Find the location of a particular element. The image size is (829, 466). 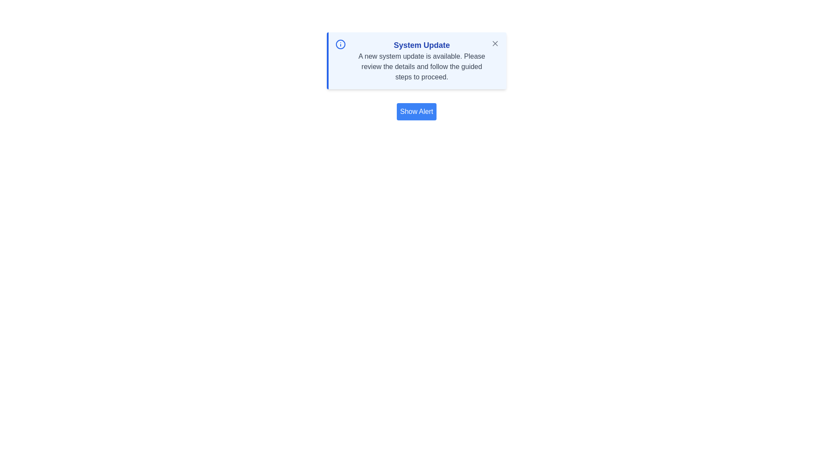

the 'Show Alert' button to display the alert is located at coordinates (416, 111).